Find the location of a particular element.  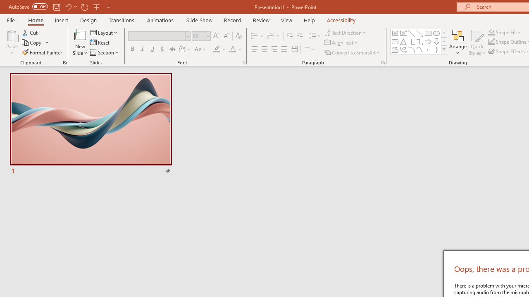

'Shape Fill Orange, Accent 2' is located at coordinates (491, 32).